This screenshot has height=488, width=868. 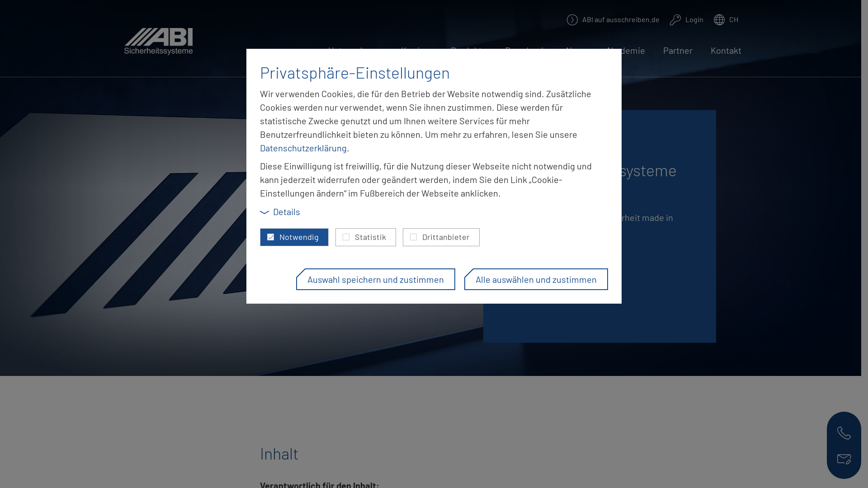 What do you see at coordinates (279, 211) in the screenshot?
I see `'Details'` at bounding box center [279, 211].